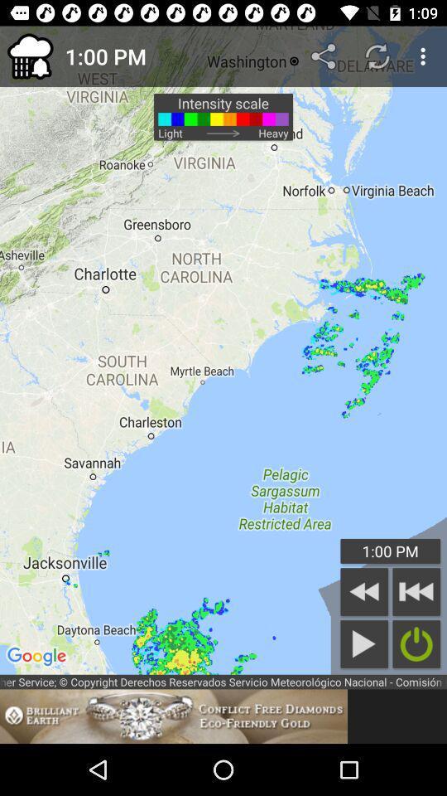 This screenshot has height=796, width=447. What do you see at coordinates (364, 591) in the screenshot?
I see `rewind` at bounding box center [364, 591].